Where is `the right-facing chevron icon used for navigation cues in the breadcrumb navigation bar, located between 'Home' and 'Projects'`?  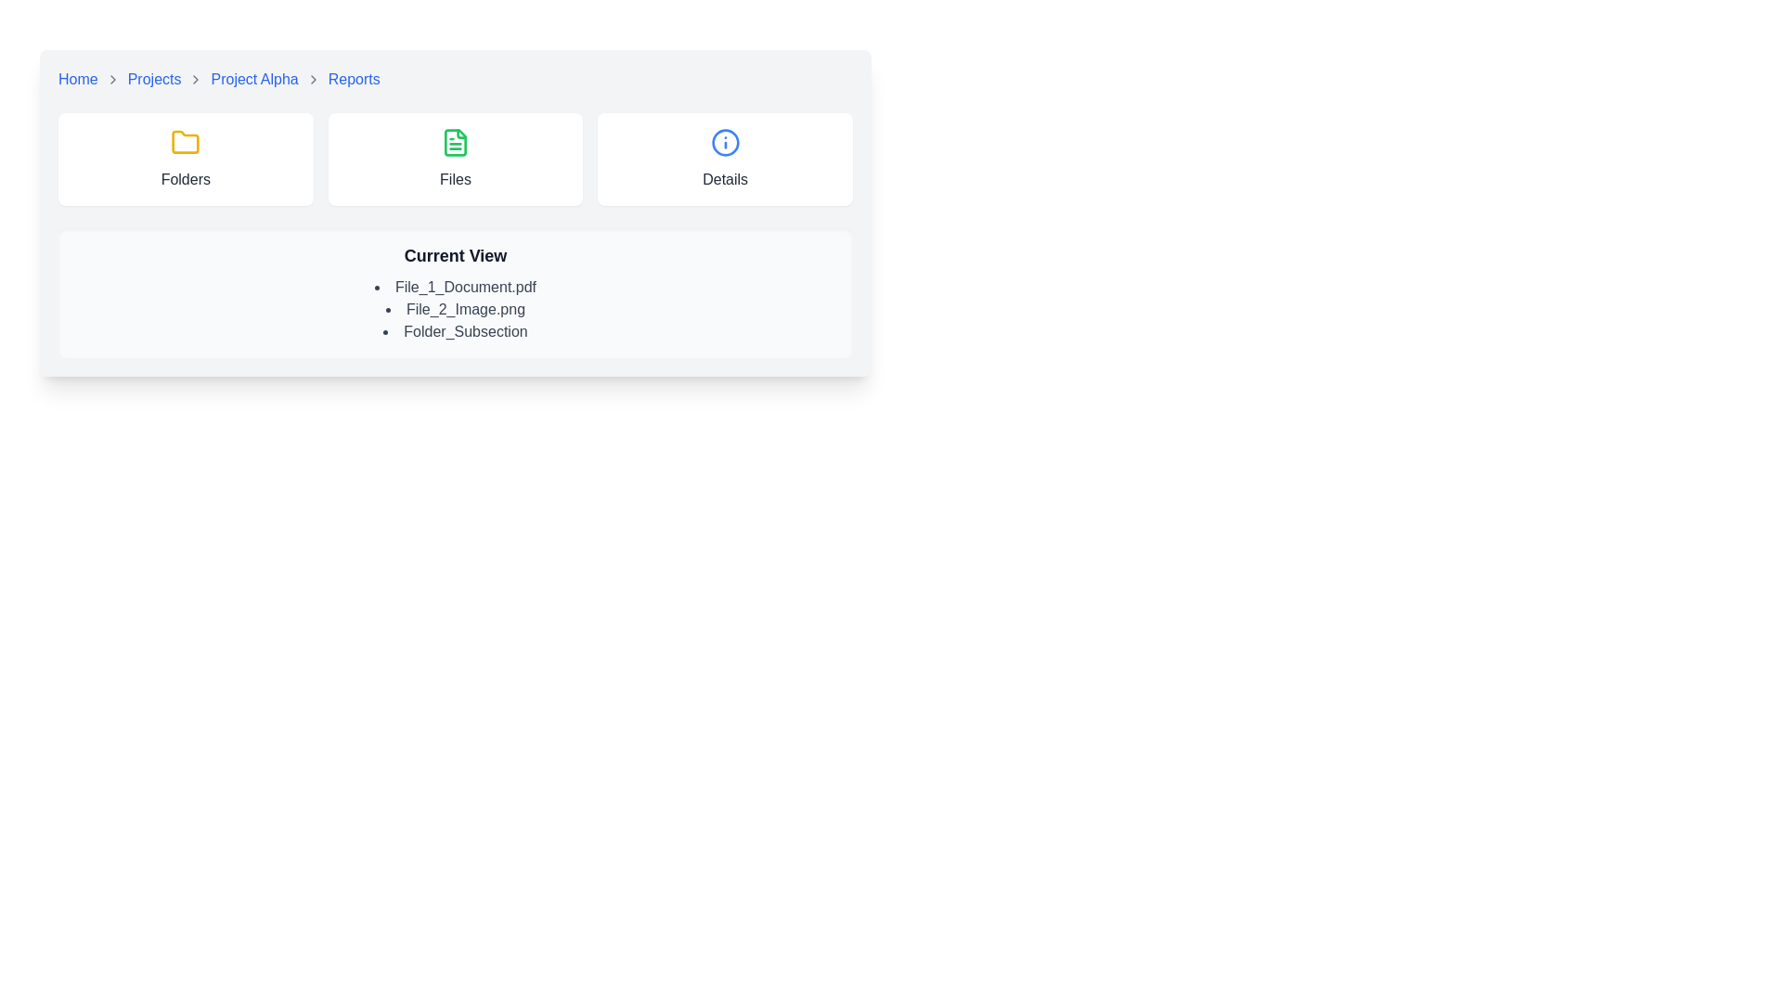 the right-facing chevron icon used for navigation cues in the breadcrumb navigation bar, located between 'Home' and 'Projects' is located at coordinates (111, 78).